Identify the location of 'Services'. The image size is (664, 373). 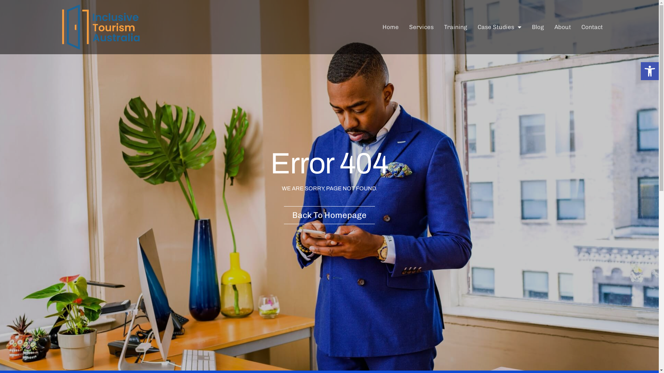
(421, 26).